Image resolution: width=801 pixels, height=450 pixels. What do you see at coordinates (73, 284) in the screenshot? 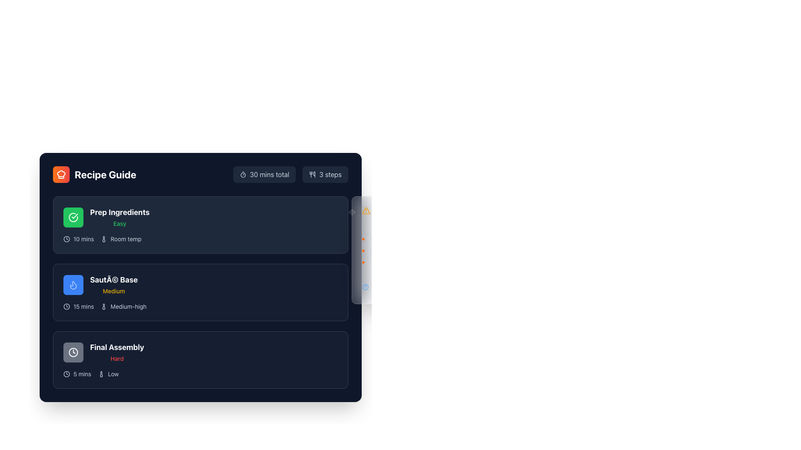
I see `the flame icon on the blue square button with rounded corners, which is the first item on the left within the 'Sauté Base' and 'Medium' section` at bounding box center [73, 284].